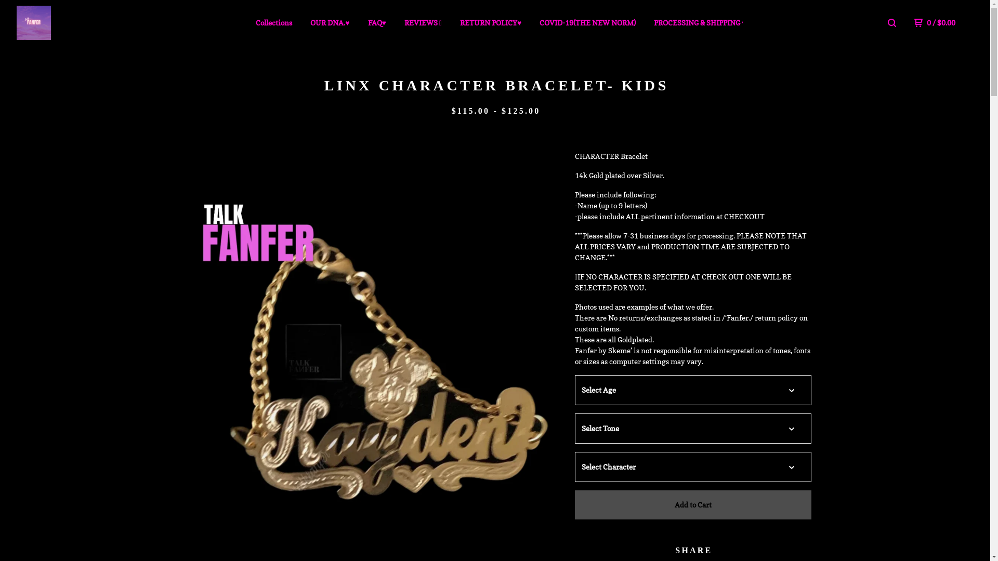 Image resolution: width=998 pixels, height=561 pixels. Describe the element at coordinates (274, 22) in the screenshot. I see `'Collections'` at that location.